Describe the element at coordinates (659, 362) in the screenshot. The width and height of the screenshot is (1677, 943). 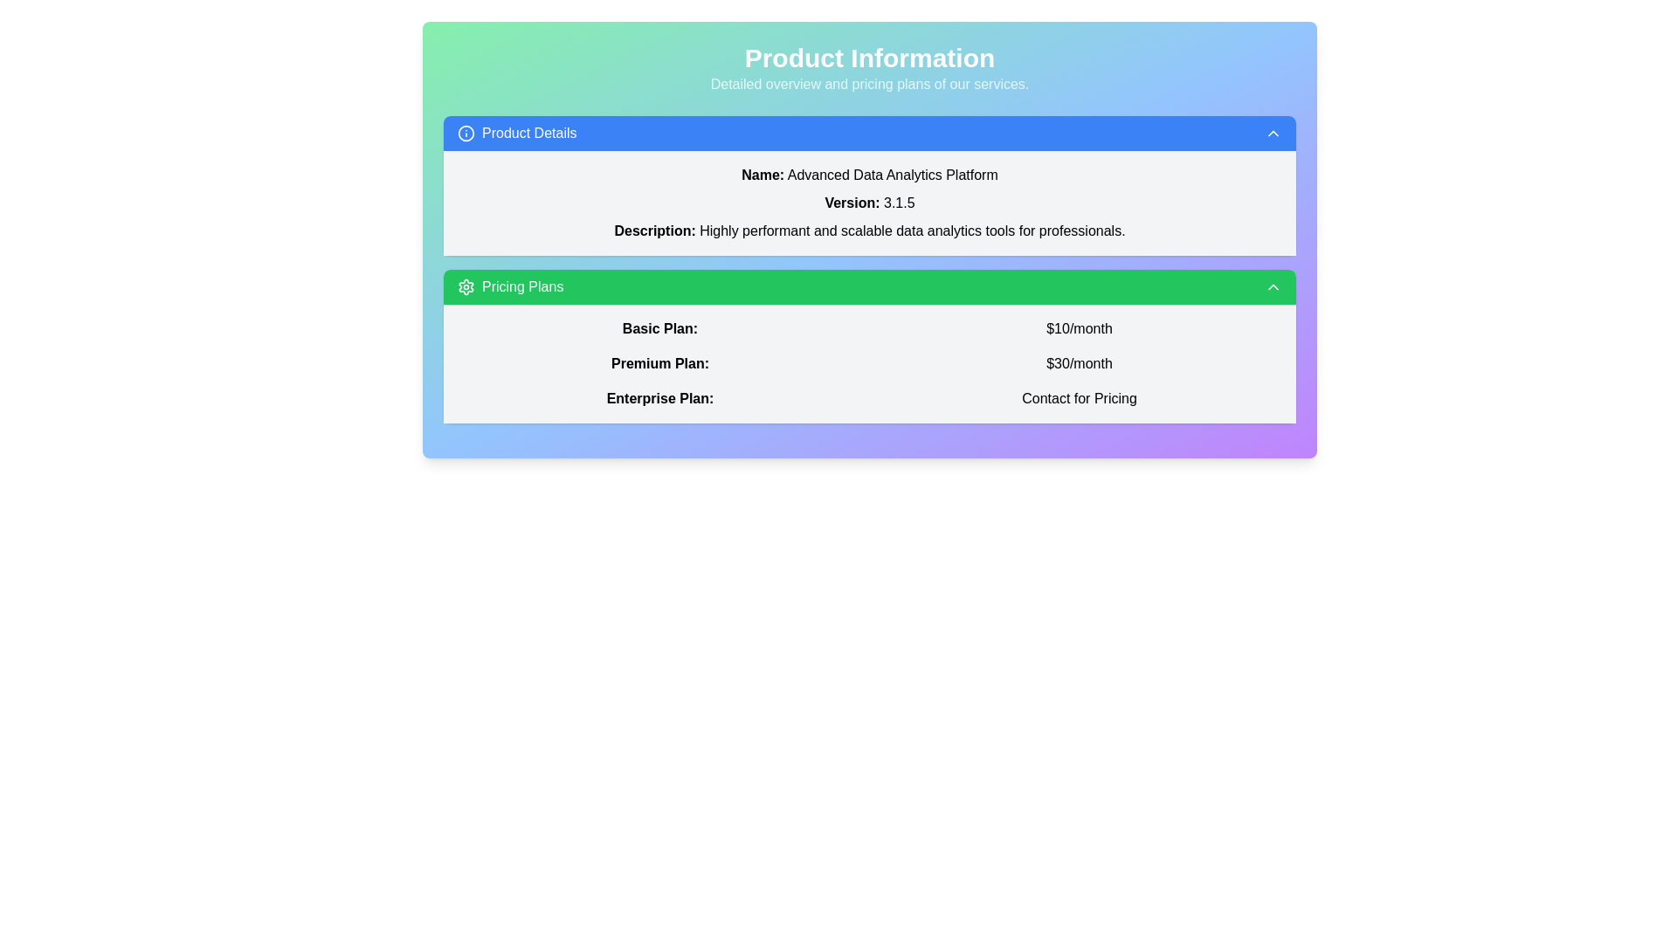
I see `text label indicating the premium pricing option, located between the 'Basic Plan:' and 'Enterprise Plan:' items in the 'Pricing Plans' section` at that location.